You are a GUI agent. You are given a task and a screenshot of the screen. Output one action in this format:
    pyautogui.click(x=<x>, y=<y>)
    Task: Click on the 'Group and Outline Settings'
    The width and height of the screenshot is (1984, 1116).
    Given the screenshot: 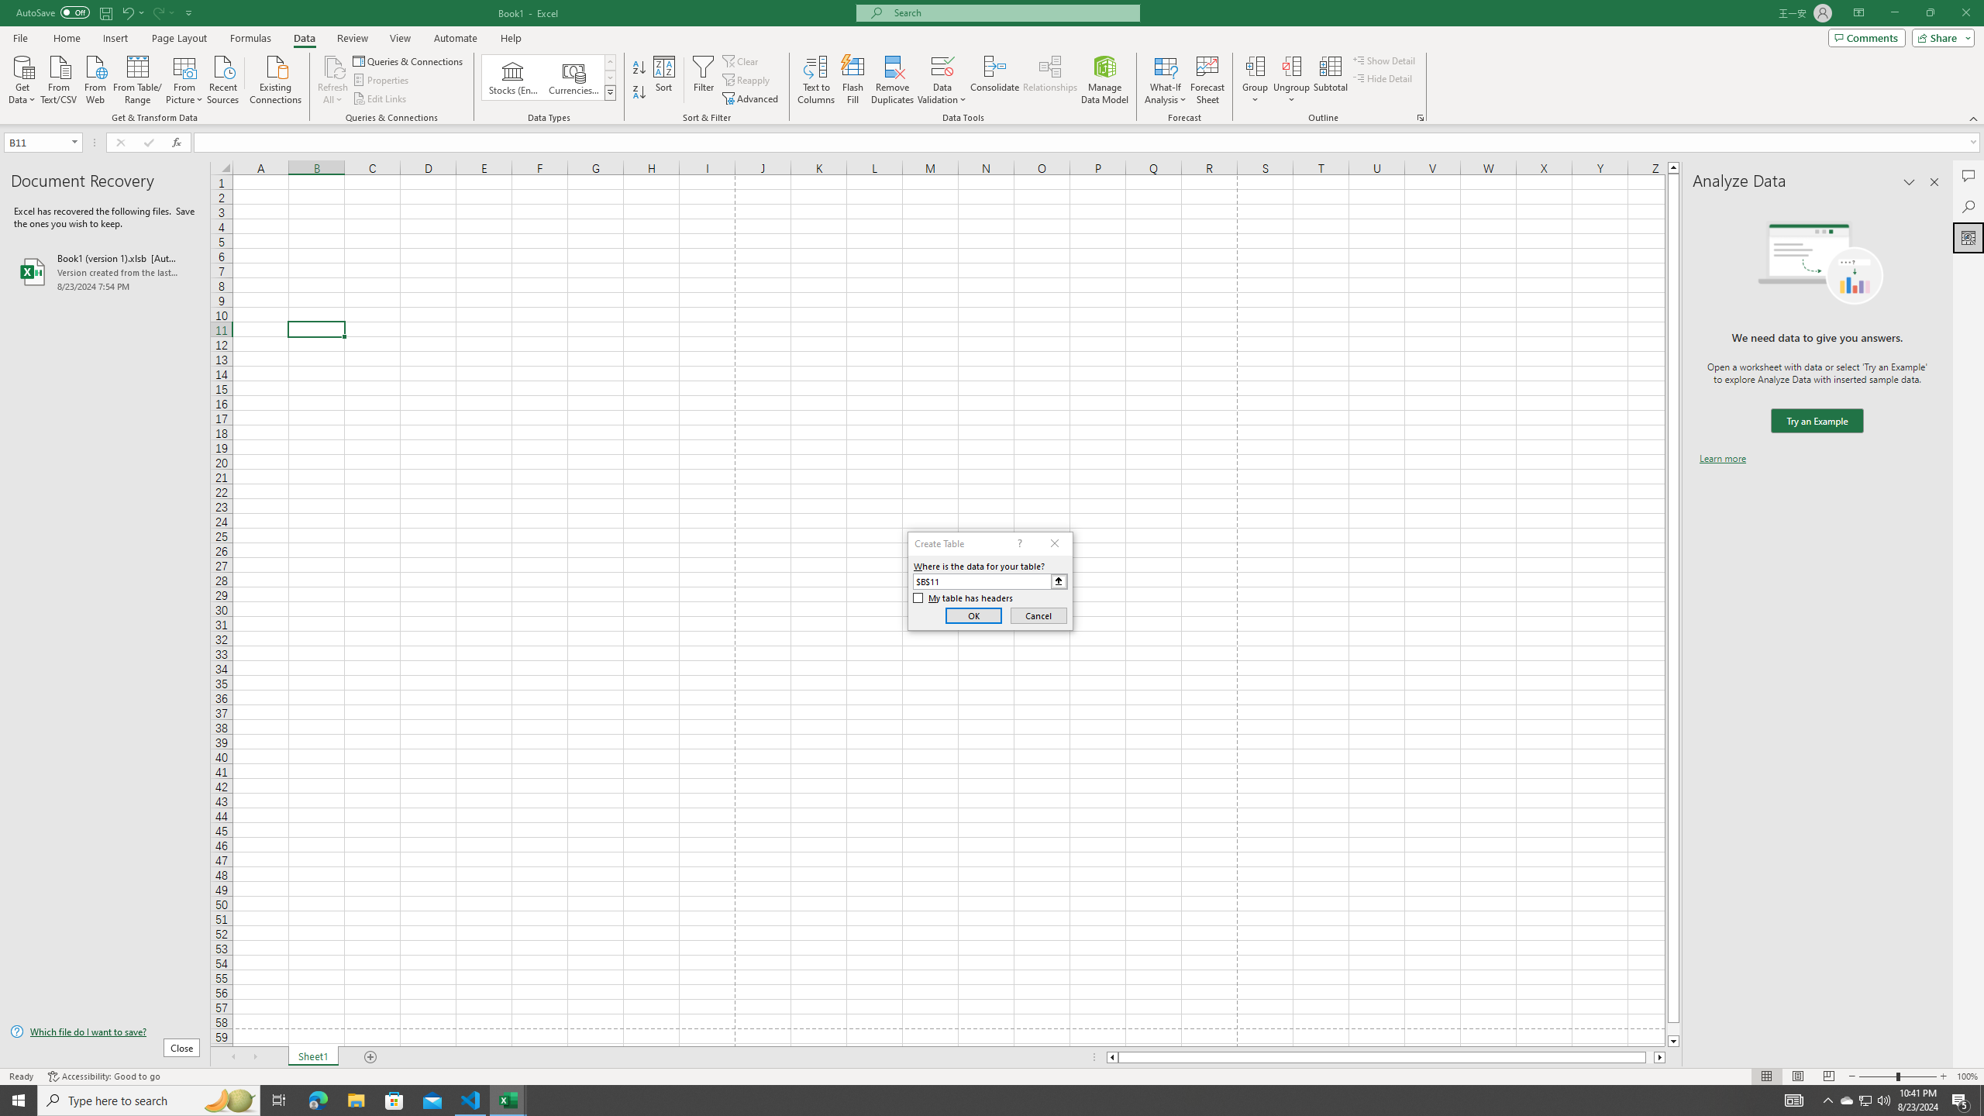 What is the action you would take?
    pyautogui.click(x=1419, y=116)
    